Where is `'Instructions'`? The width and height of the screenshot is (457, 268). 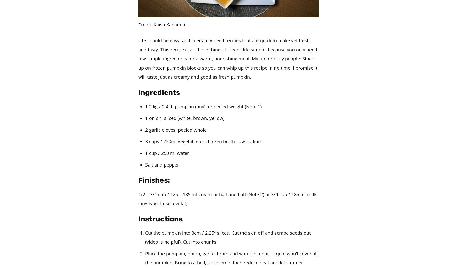
'Instructions' is located at coordinates (138, 219).